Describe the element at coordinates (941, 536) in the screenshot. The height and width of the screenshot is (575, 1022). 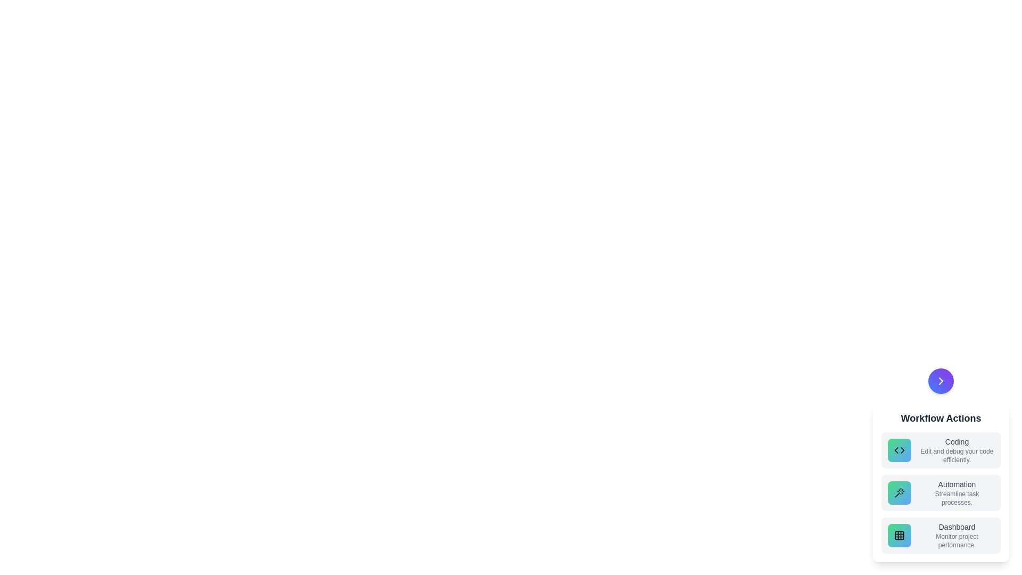
I see `the action item labeled Dashboard to observe its hover effect` at that location.